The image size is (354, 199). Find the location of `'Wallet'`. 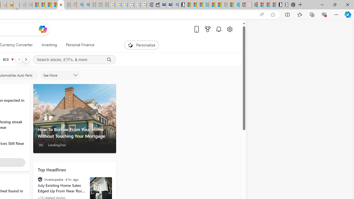

'Wallet' is located at coordinates (156, 5).